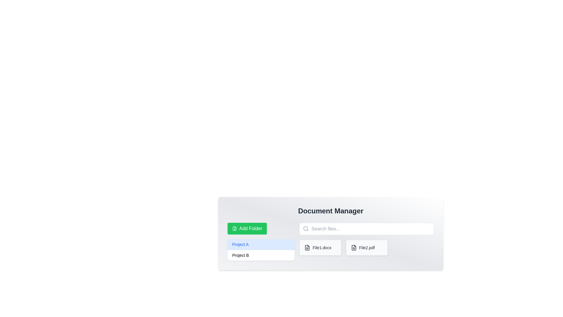  I want to click on the vertical menu component with a white background and rounded corners, located below the 'Add Folder' button, so click(261, 250).